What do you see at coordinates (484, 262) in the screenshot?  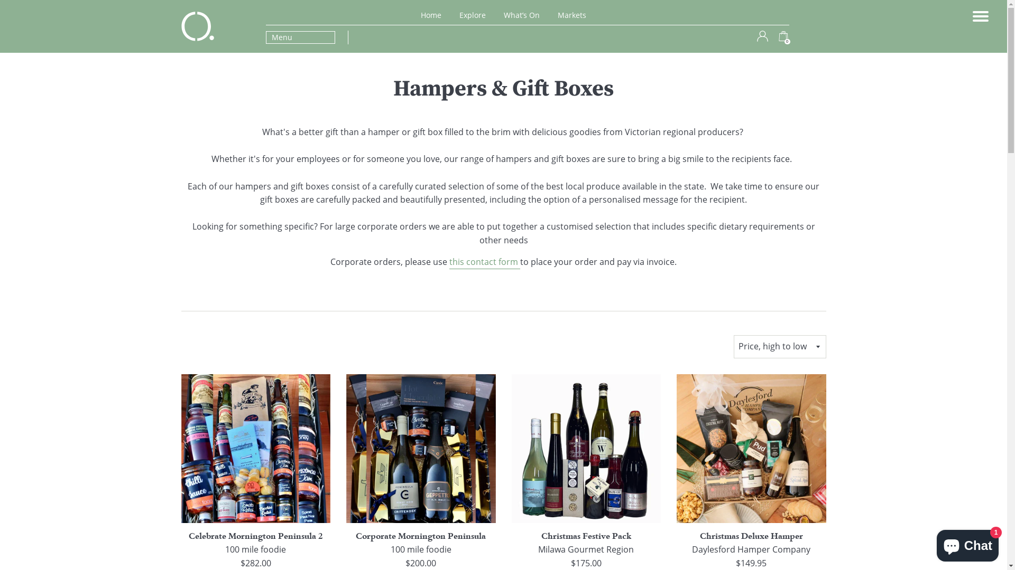 I see `'this contact form'` at bounding box center [484, 262].